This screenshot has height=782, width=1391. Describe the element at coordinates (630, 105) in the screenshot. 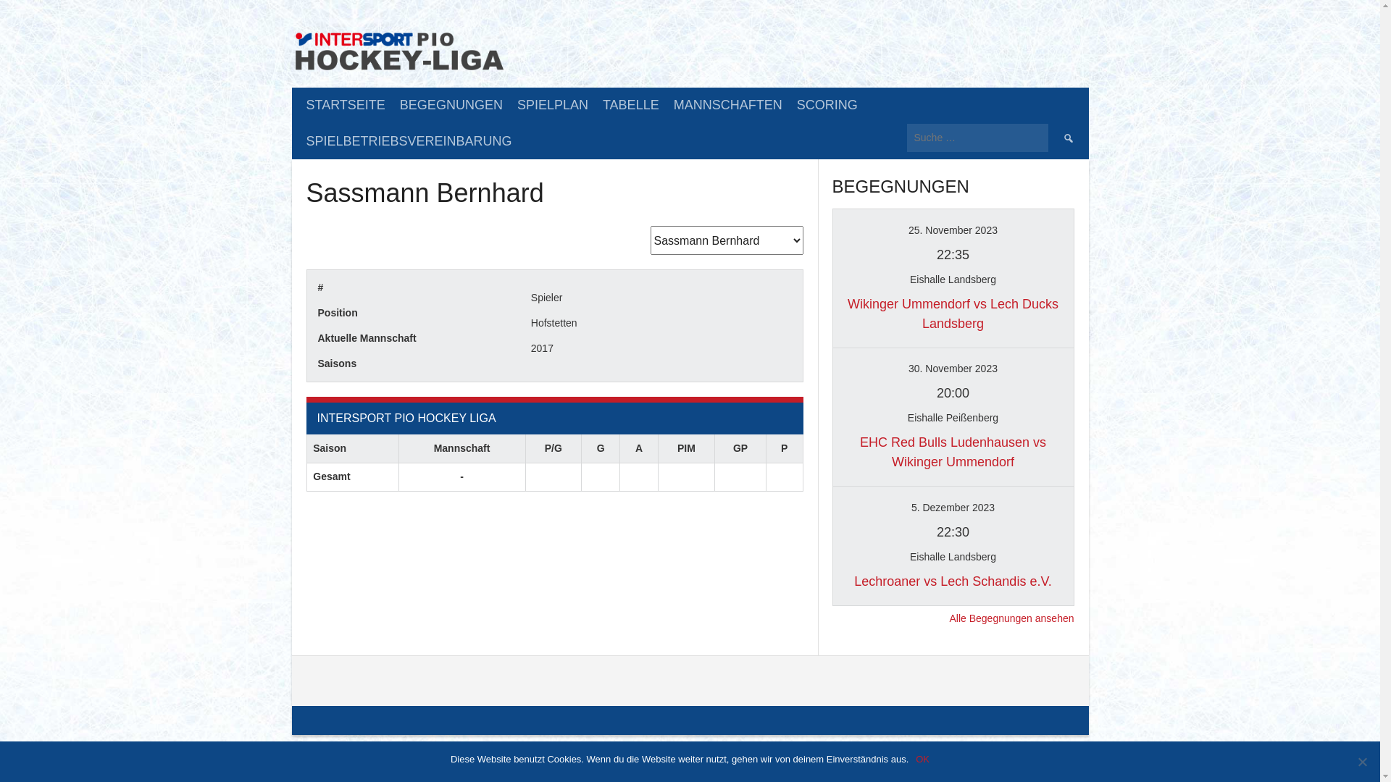

I see `'TABELLE'` at that location.